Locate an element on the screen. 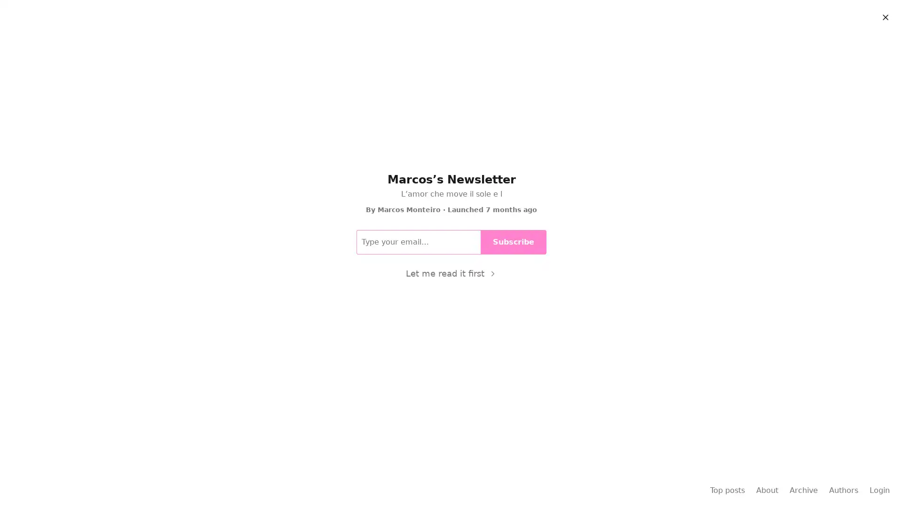 Image resolution: width=903 pixels, height=508 pixels. Subscribe is located at coordinates (516, 153).